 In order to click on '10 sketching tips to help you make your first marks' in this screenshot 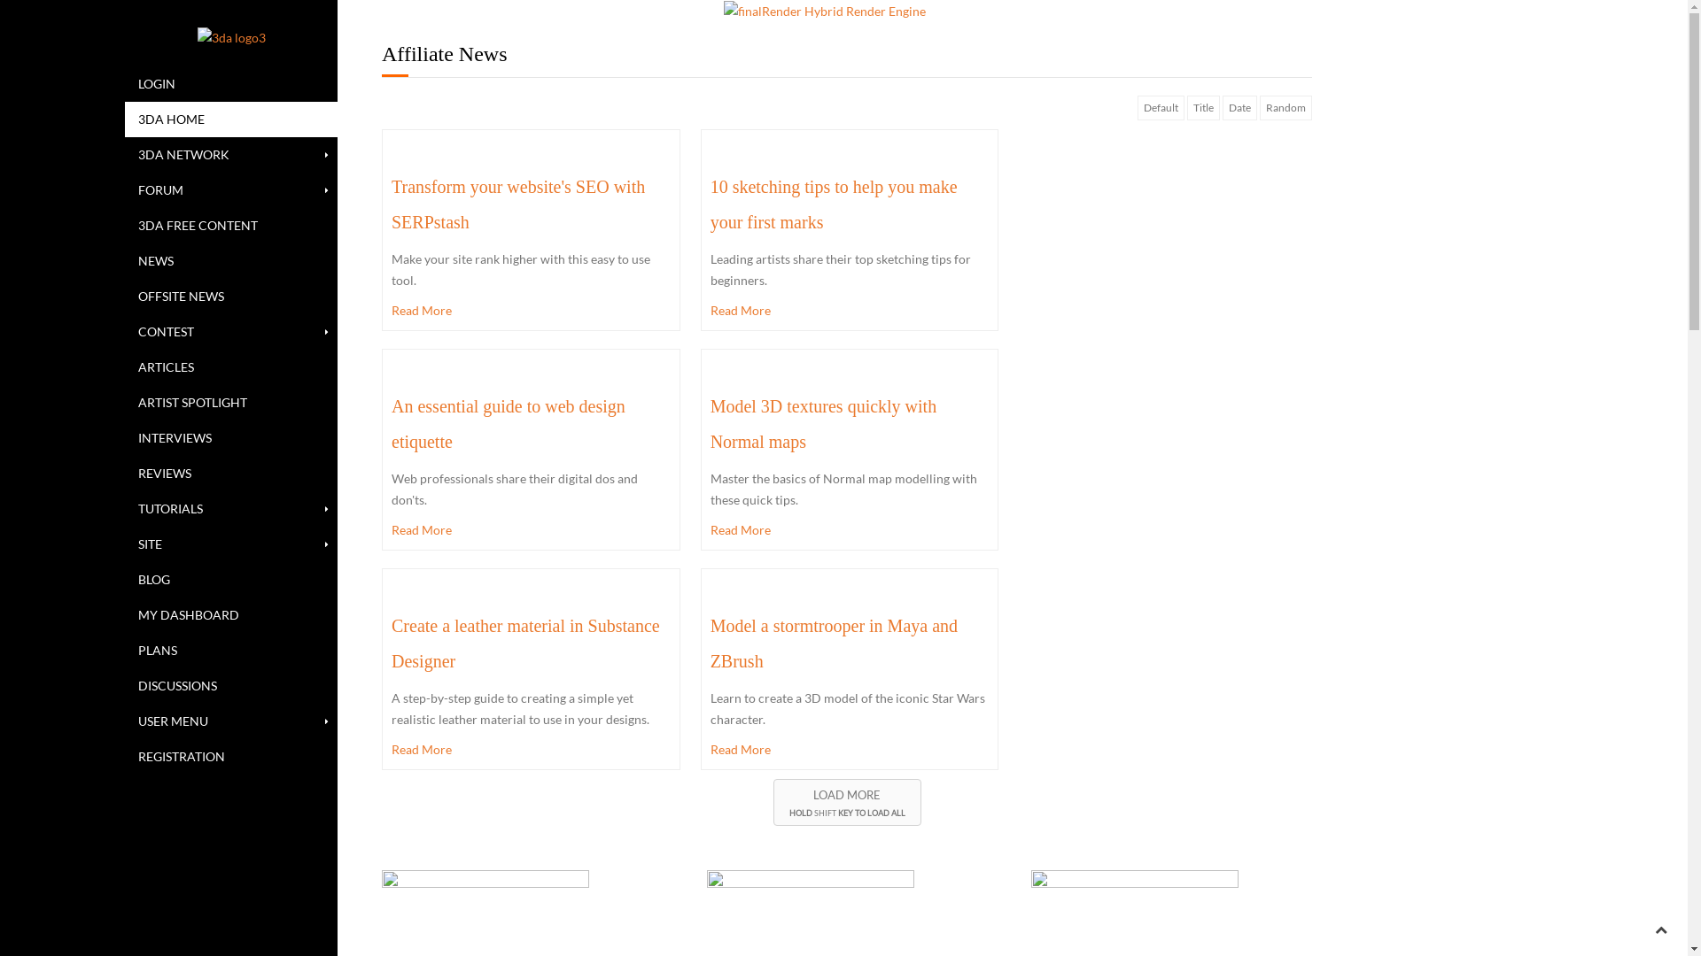, I will do `click(710, 204)`.